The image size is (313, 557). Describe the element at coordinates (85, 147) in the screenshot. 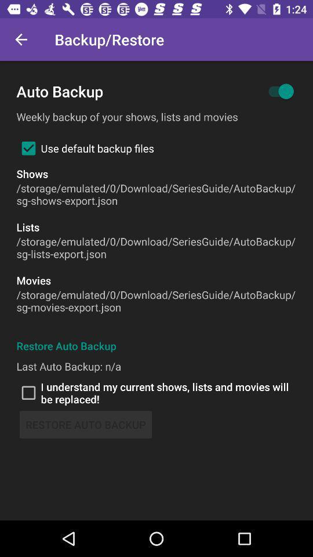

I see `icon above the shows` at that location.